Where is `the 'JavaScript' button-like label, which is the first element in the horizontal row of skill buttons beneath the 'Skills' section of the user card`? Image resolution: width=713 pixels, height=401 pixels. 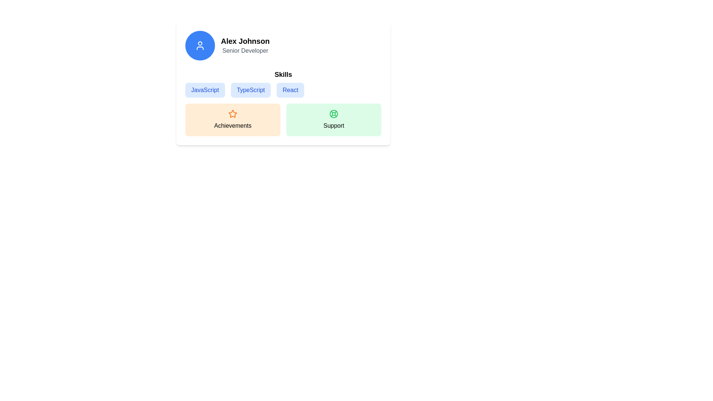
the 'JavaScript' button-like label, which is the first element in the horizontal row of skill buttons beneath the 'Skills' section of the user card is located at coordinates (205, 90).